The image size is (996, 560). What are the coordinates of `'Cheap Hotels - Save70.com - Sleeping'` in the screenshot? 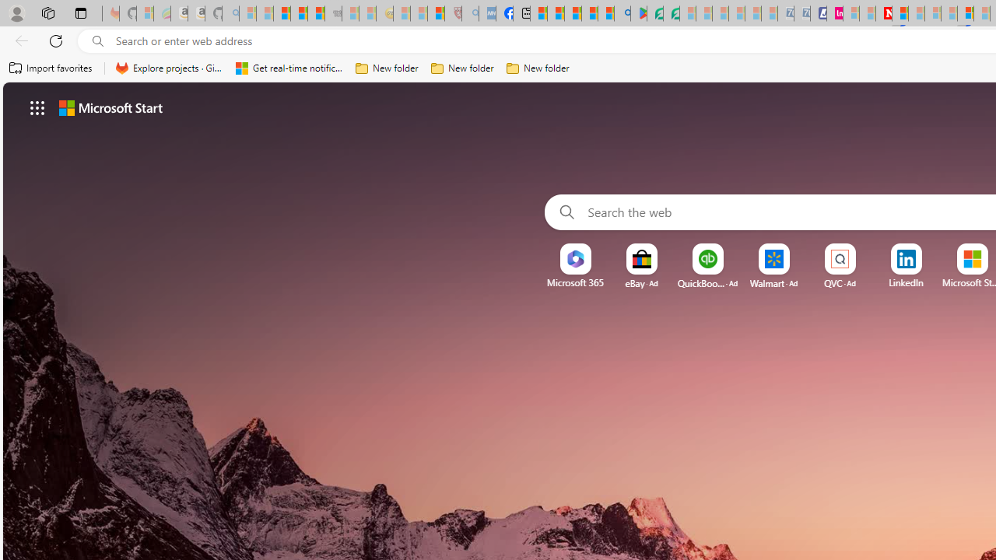 It's located at (802, 13).